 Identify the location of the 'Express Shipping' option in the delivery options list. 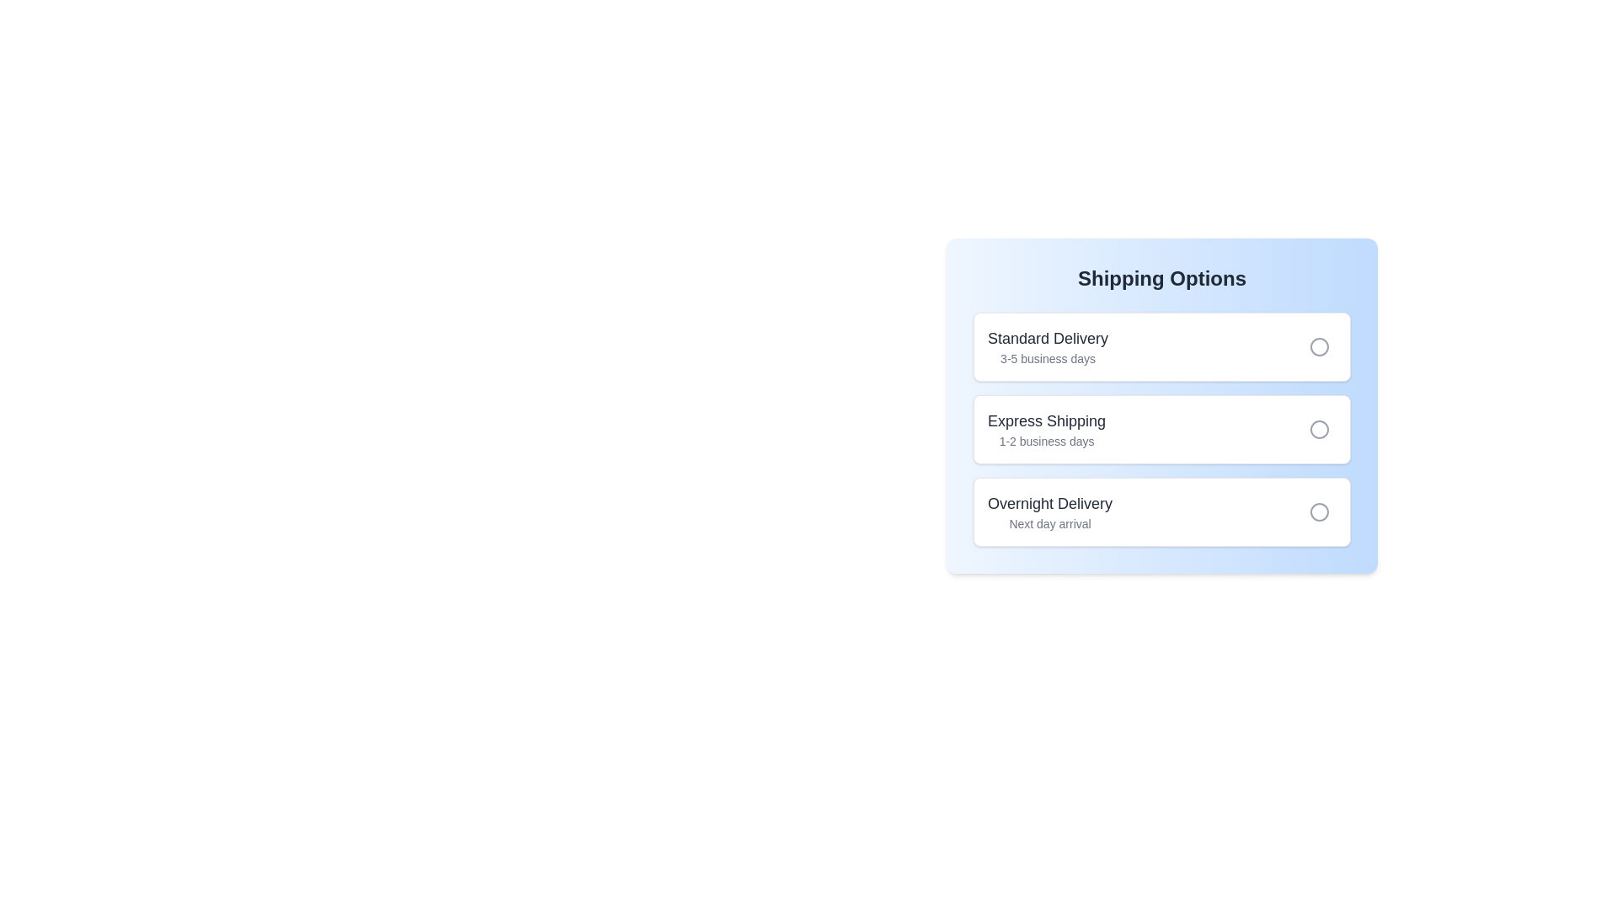
(1161, 413).